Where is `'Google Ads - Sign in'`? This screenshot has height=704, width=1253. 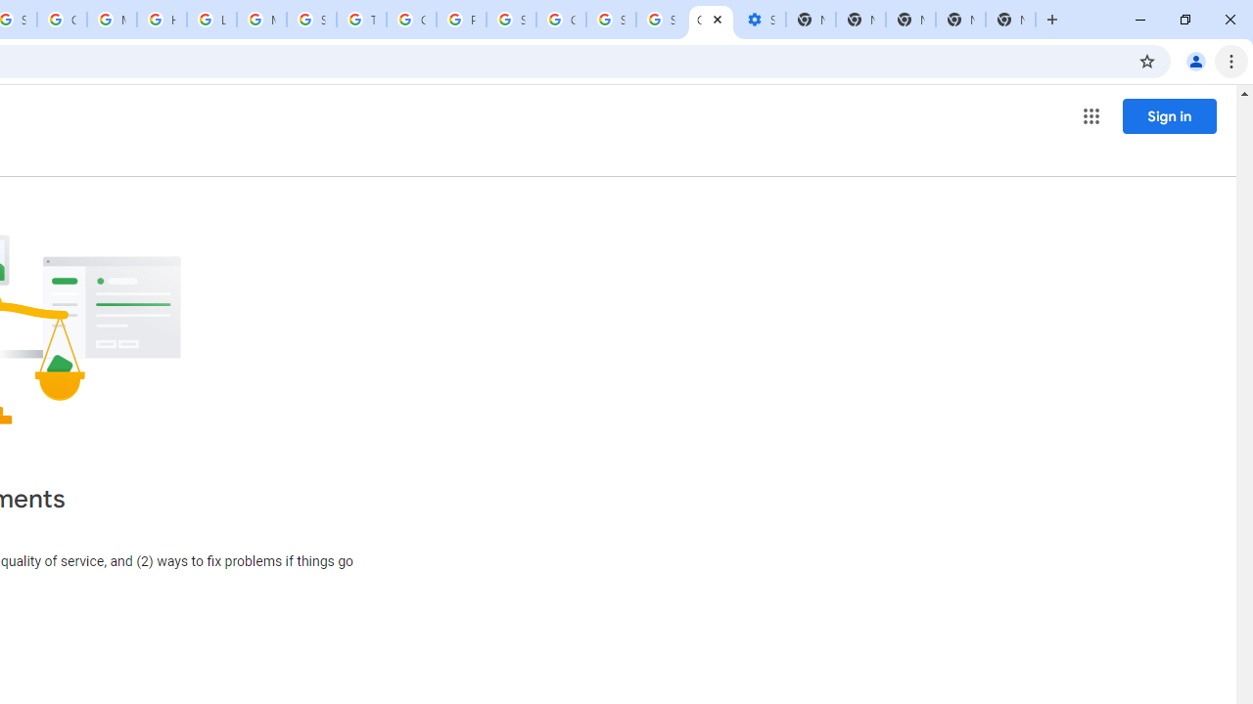
'Google Ads - Sign in' is located at coordinates (410, 20).